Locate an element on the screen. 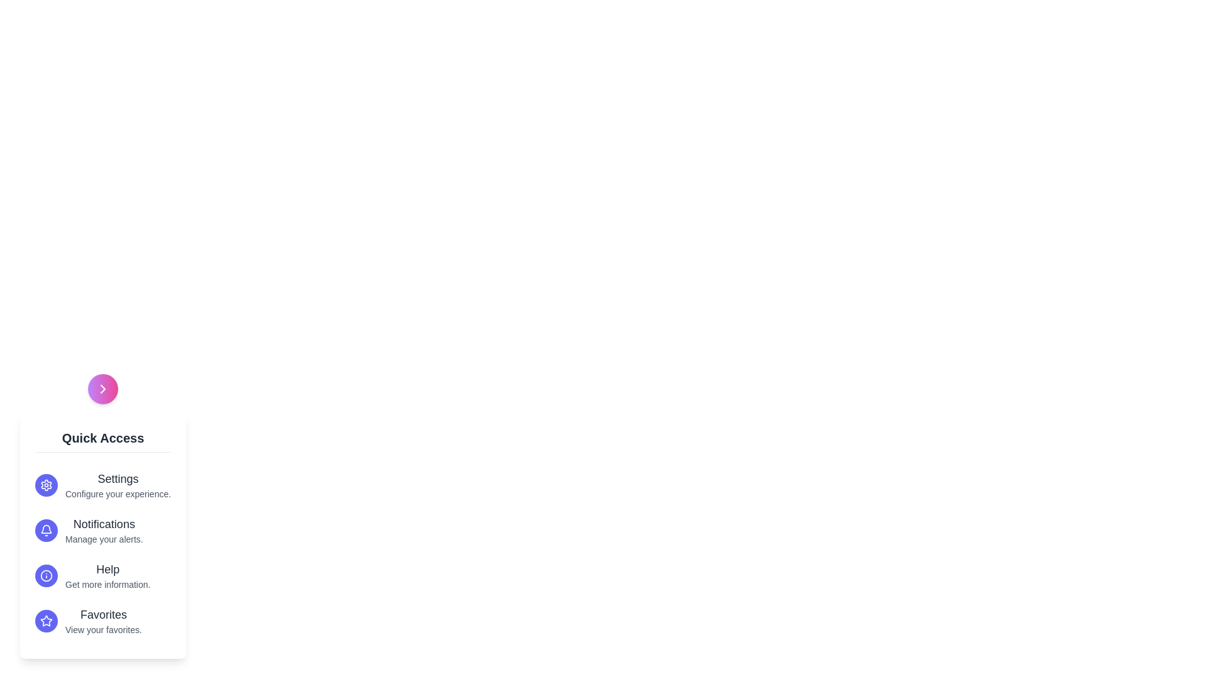  the menu option Help to highlight it visually is located at coordinates (102, 575).